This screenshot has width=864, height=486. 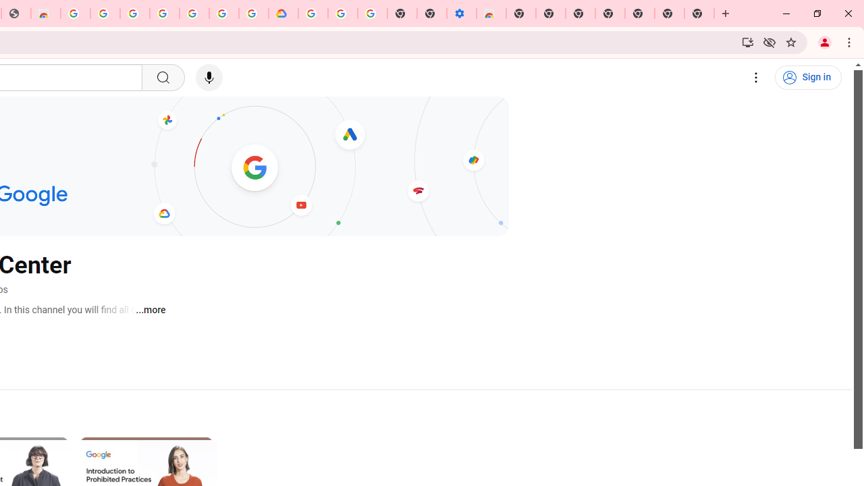 What do you see at coordinates (699, 13) in the screenshot?
I see `'New Tab'` at bounding box center [699, 13].